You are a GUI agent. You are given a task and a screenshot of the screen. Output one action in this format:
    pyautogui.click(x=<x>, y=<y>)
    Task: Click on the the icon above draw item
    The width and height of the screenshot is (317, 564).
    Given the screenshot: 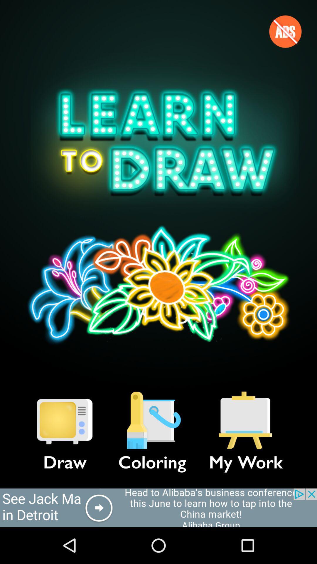 What is the action you would take?
    pyautogui.click(x=65, y=420)
    